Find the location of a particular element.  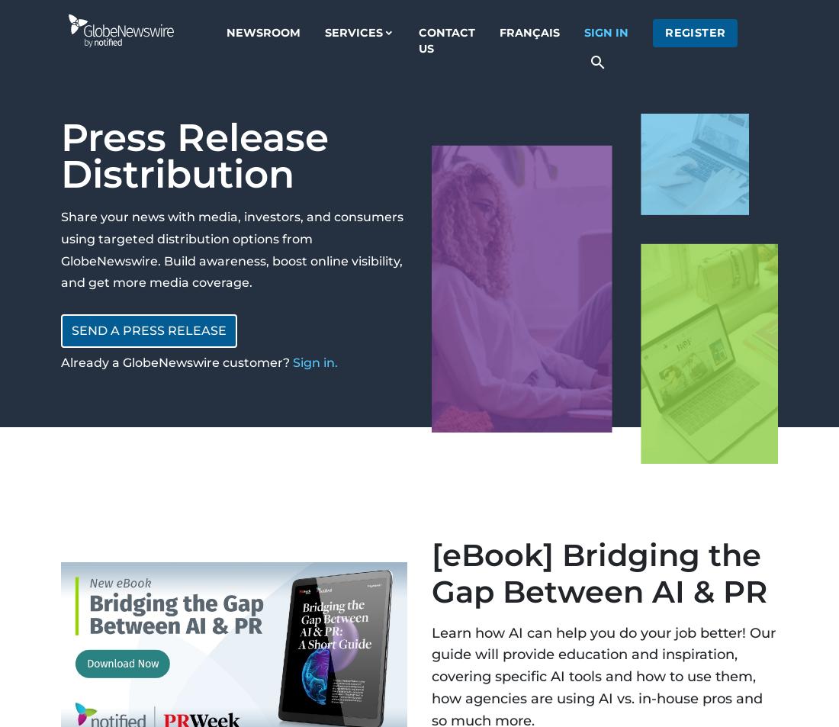

'Already a GlobeNewswire customer?' is located at coordinates (176, 362).